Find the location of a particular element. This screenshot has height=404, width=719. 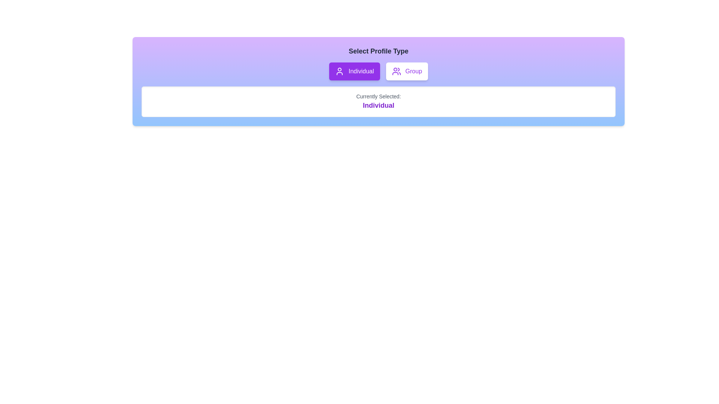

the profile type by clicking on the corresponding button labeled Individual is located at coordinates (354, 71).